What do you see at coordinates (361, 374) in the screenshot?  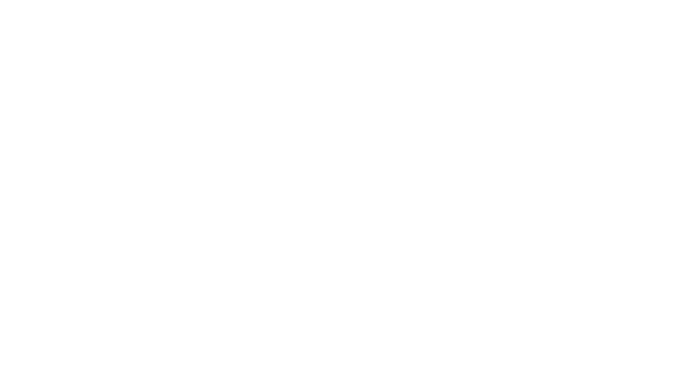 I see `'Cloudflare'` at bounding box center [361, 374].